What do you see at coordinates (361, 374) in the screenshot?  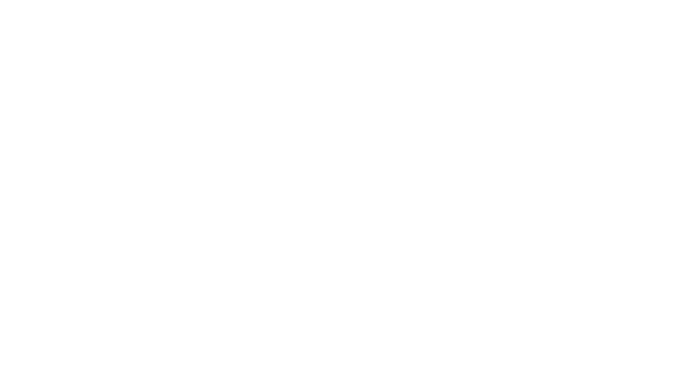 I see `'Cloudflare'` at bounding box center [361, 374].